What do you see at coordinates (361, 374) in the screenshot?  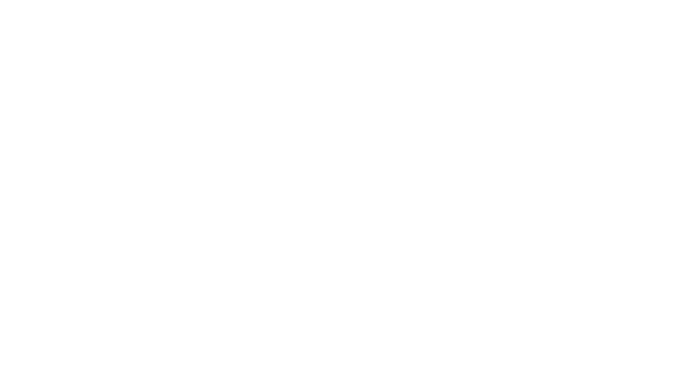 I see `'Cloudflare'` at bounding box center [361, 374].